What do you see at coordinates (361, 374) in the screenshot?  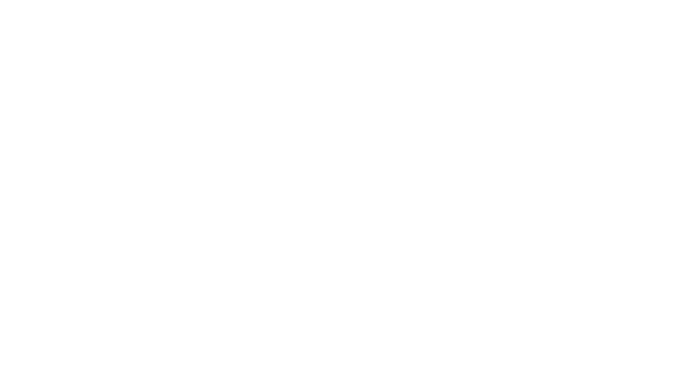 I see `'Cloudflare'` at bounding box center [361, 374].